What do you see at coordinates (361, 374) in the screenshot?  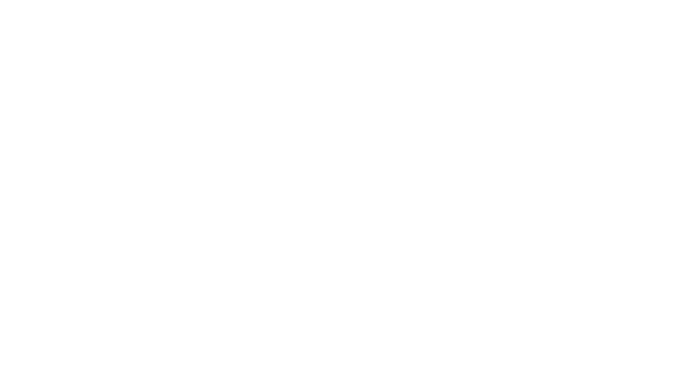 I see `'Cloudflare'` at bounding box center [361, 374].